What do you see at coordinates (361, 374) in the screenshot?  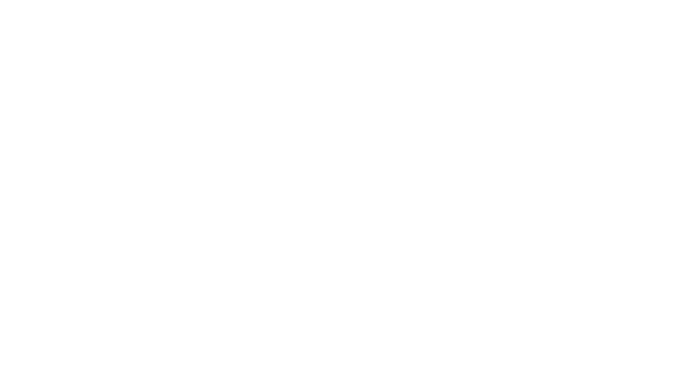 I see `'Cloudflare'` at bounding box center [361, 374].